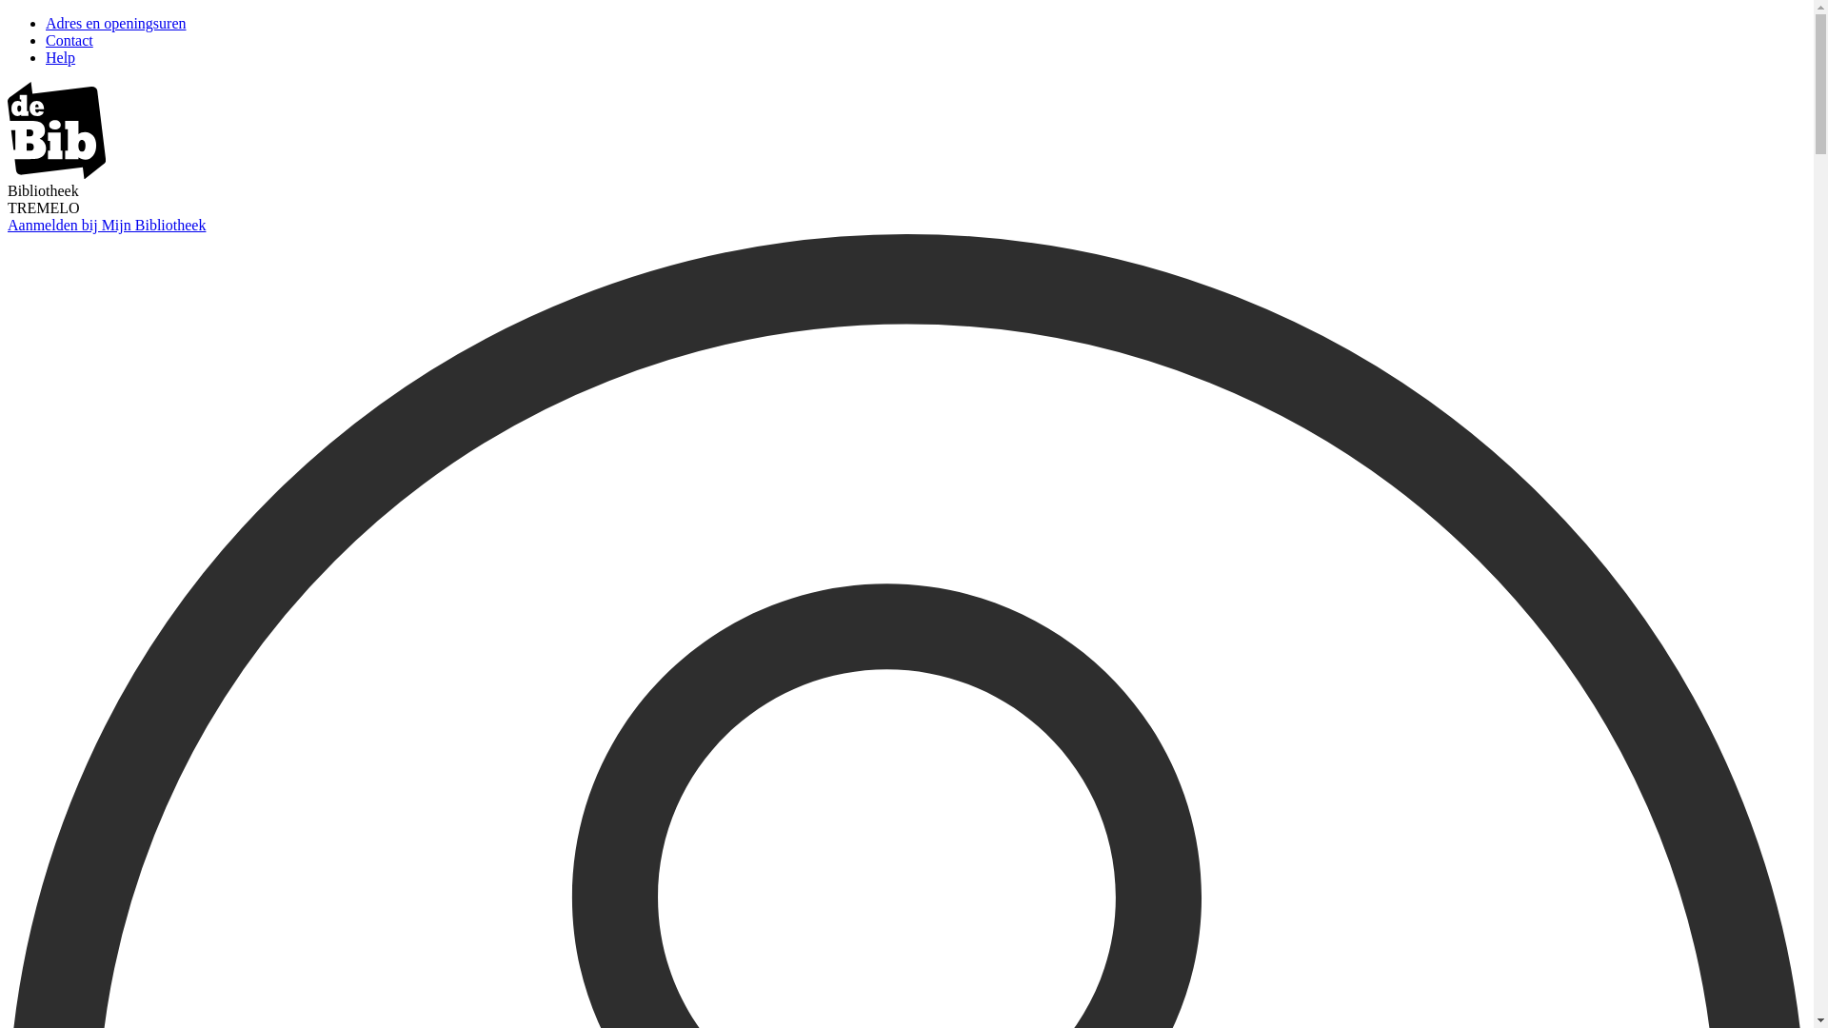 Image resolution: width=1828 pixels, height=1028 pixels. I want to click on 'image/svg+xml', so click(56, 173).